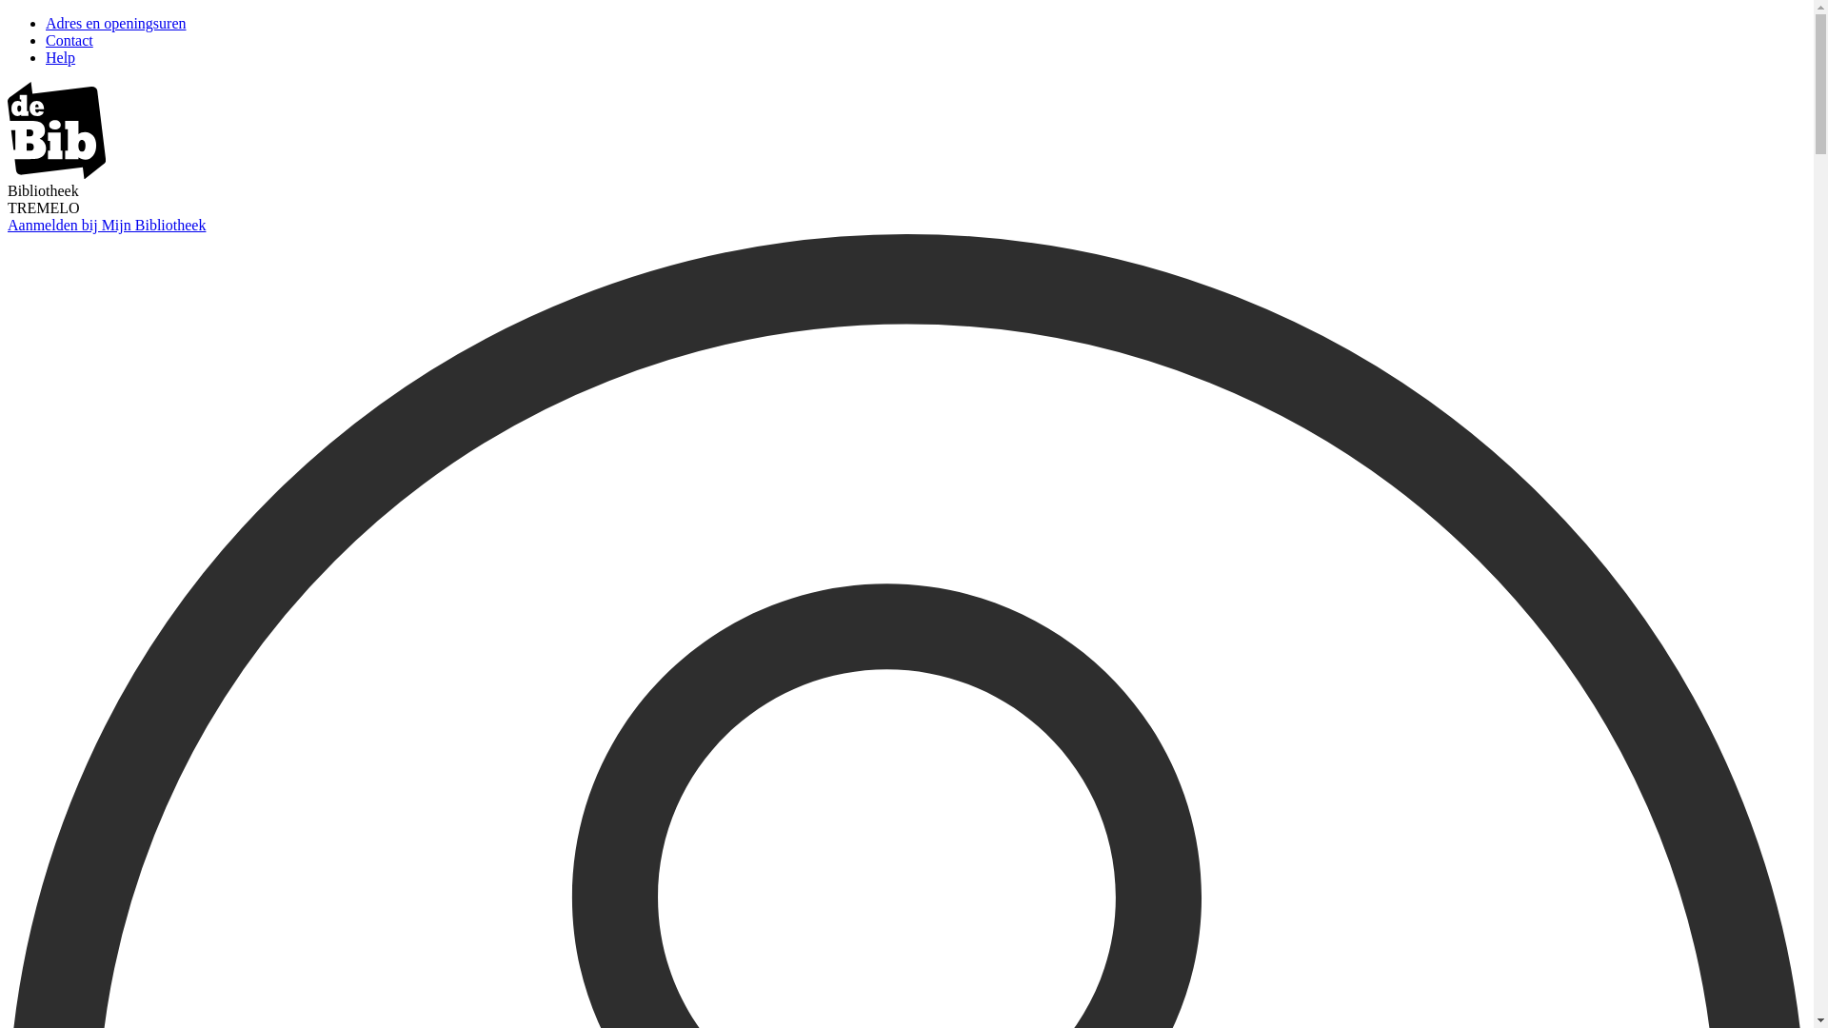 Image resolution: width=1828 pixels, height=1028 pixels. I want to click on 'image/svg+xml', so click(56, 173).